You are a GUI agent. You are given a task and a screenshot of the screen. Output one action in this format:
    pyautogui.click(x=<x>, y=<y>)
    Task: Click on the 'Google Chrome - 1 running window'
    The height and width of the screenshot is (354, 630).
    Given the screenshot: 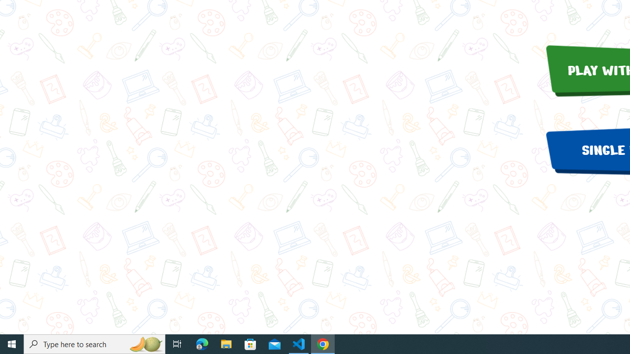 What is the action you would take?
    pyautogui.click(x=323, y=343)
    